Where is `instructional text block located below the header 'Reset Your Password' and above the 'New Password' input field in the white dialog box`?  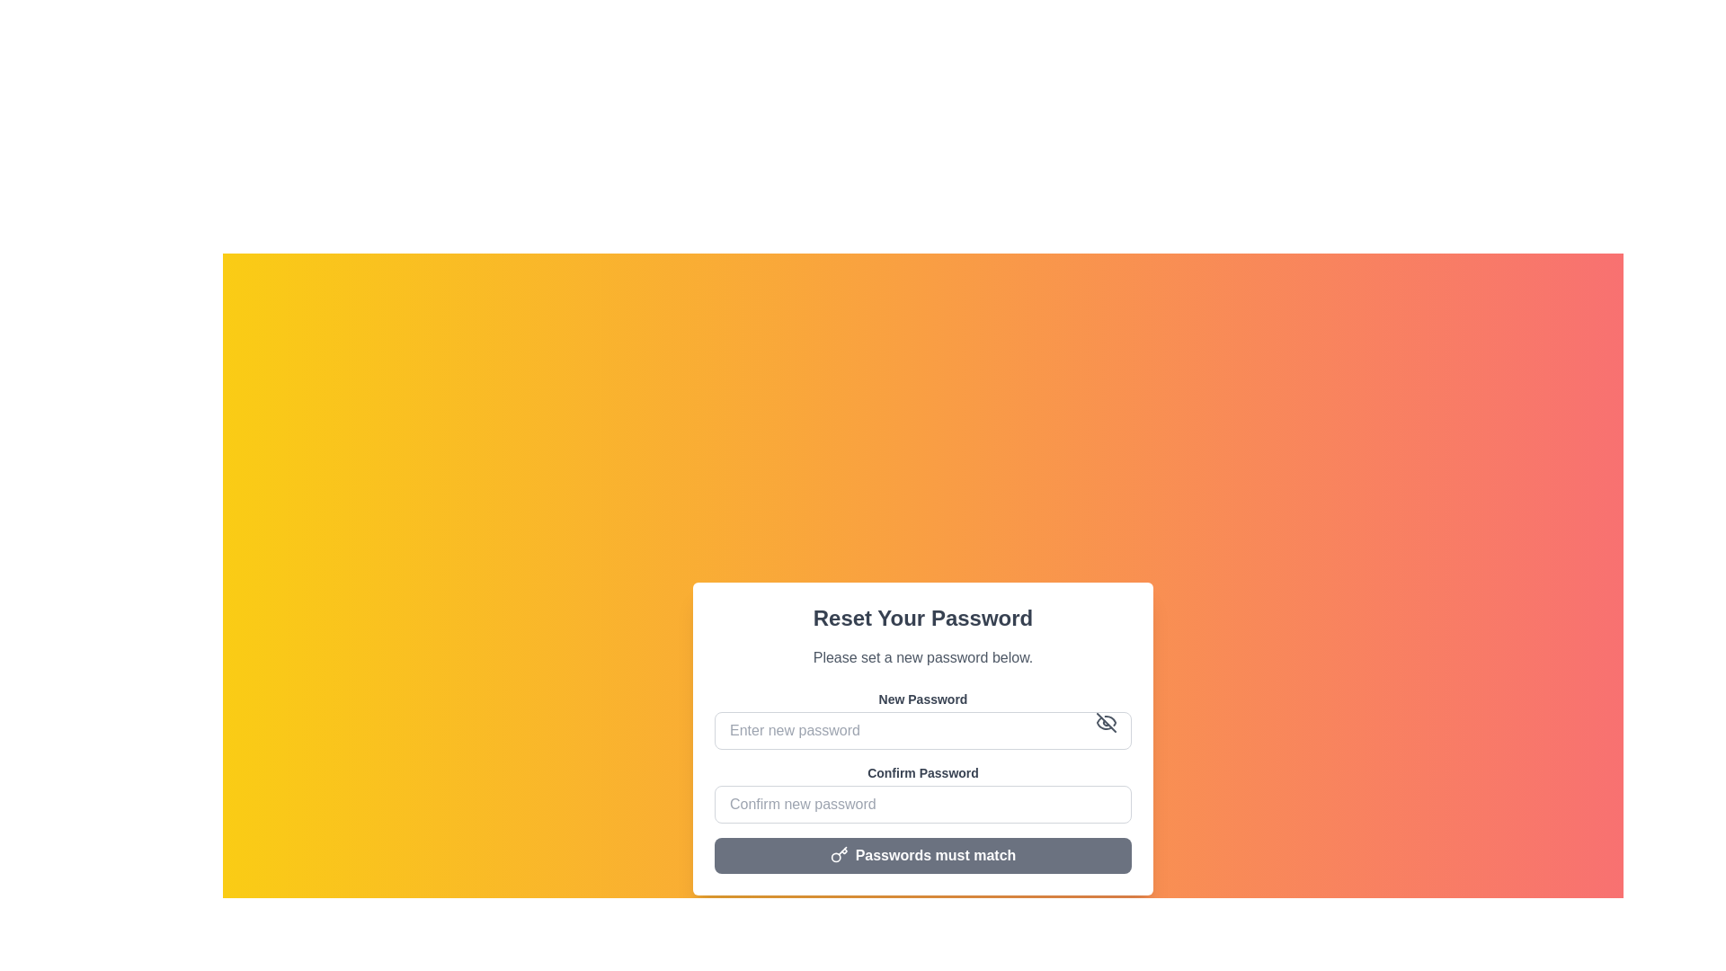
instructional text block located below the header 'Reset Your Password' and above the 'New Password' input field in the white dialog box is located at coordinates (923, 658).